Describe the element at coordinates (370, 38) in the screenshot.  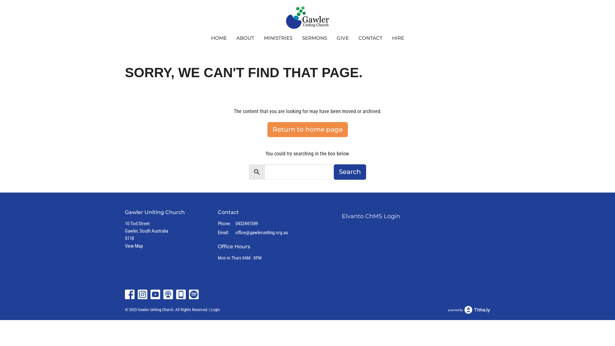
I see `'CONTACT'` at that location.